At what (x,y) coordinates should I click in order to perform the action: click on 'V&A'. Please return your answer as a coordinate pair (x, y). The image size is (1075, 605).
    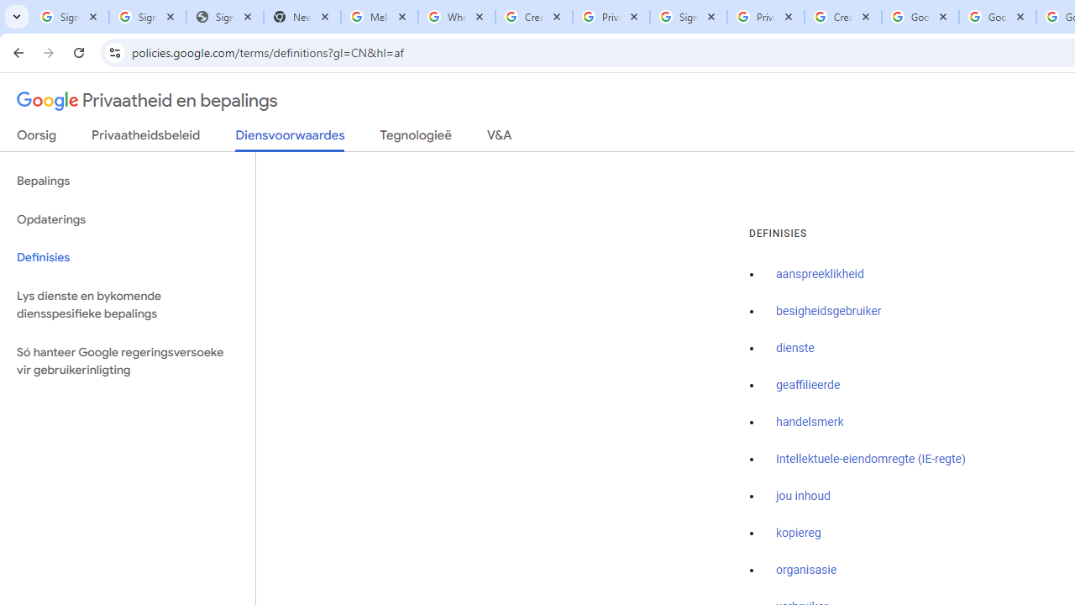
    Looking at the image, I should click on (498, 138).